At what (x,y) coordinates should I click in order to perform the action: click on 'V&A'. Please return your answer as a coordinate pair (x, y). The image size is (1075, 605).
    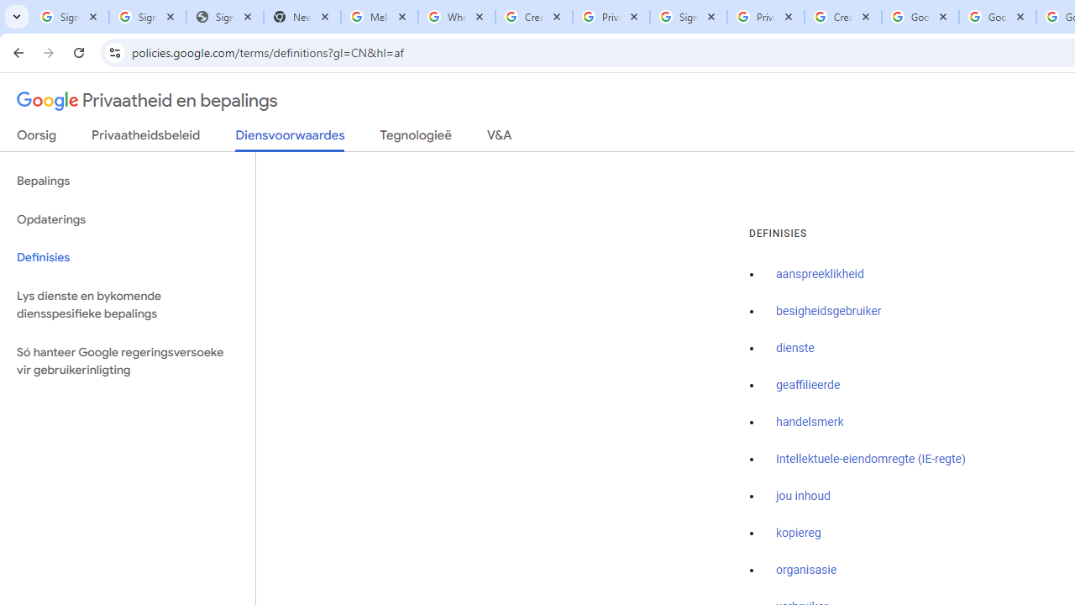
    Looking at the image, I should click on (498, 138).